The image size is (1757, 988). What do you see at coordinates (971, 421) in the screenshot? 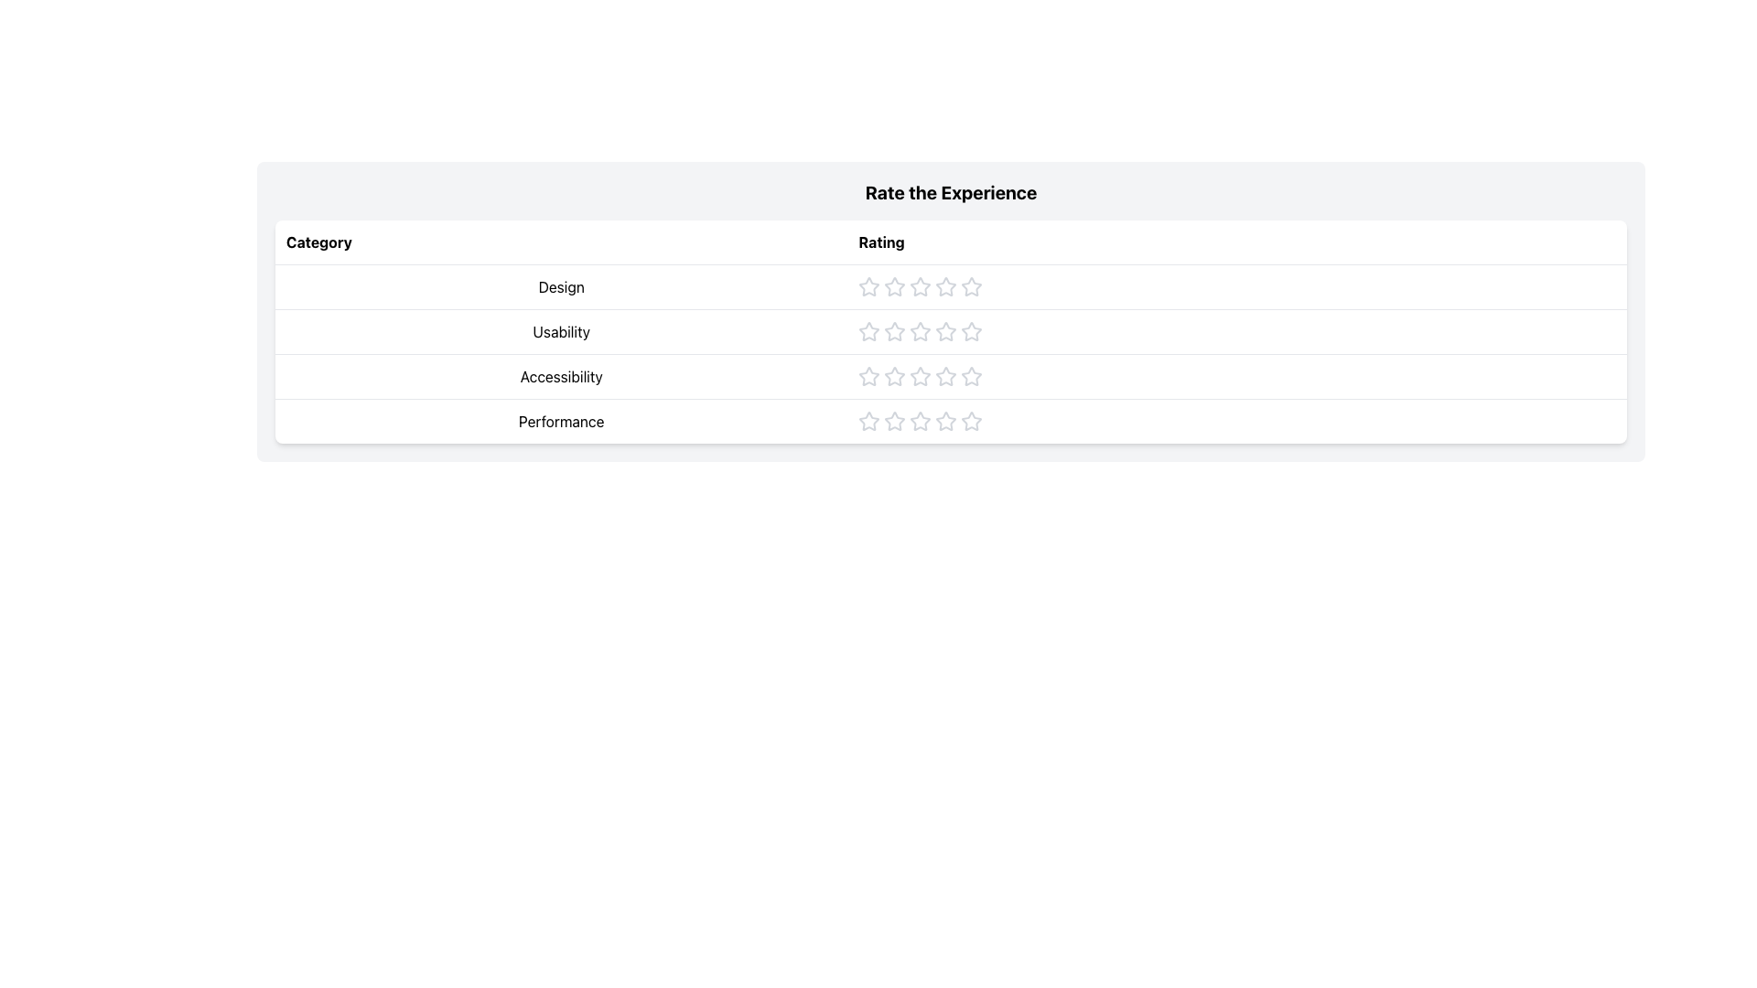
I see `the fourth star in the 'Performance' rating category` at bounding box center [971, 421].